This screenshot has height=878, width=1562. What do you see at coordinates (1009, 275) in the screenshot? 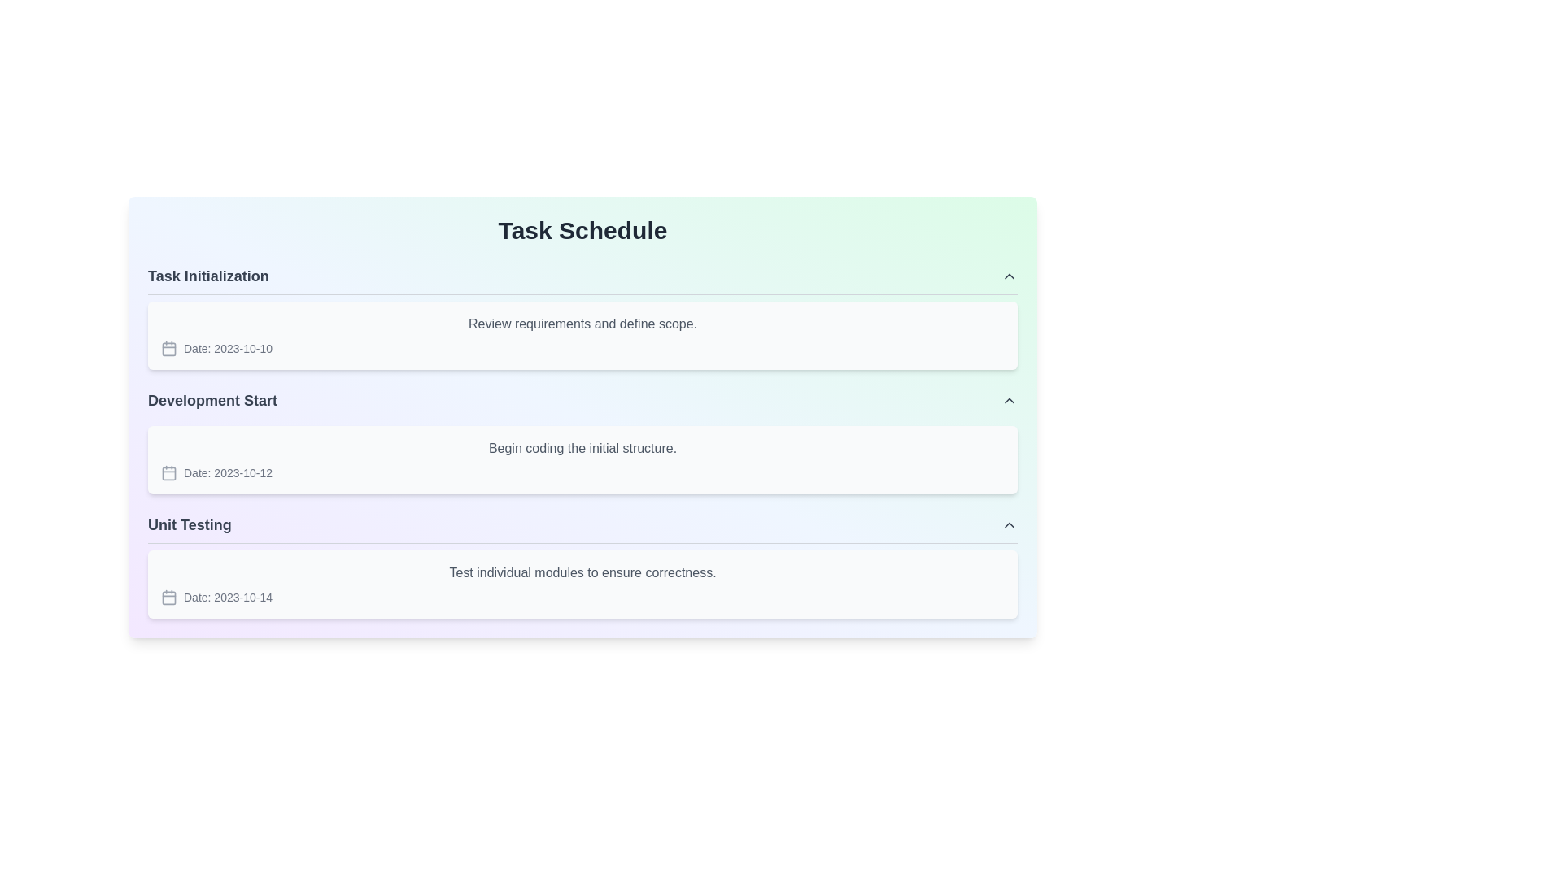
I see `the small upward-pointing chevron icon button, which is positioned to the far-right side of the 'Task Initialization' header text` at bounding box center [1009, 275].